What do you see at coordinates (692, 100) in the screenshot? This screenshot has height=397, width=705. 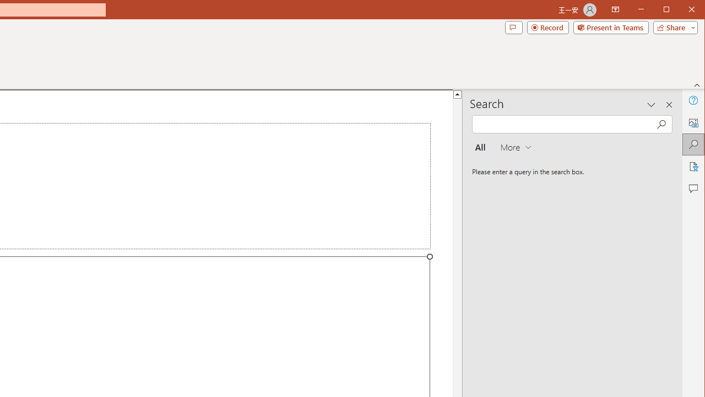 I see `'Help'` at bounding box center [692, 100].